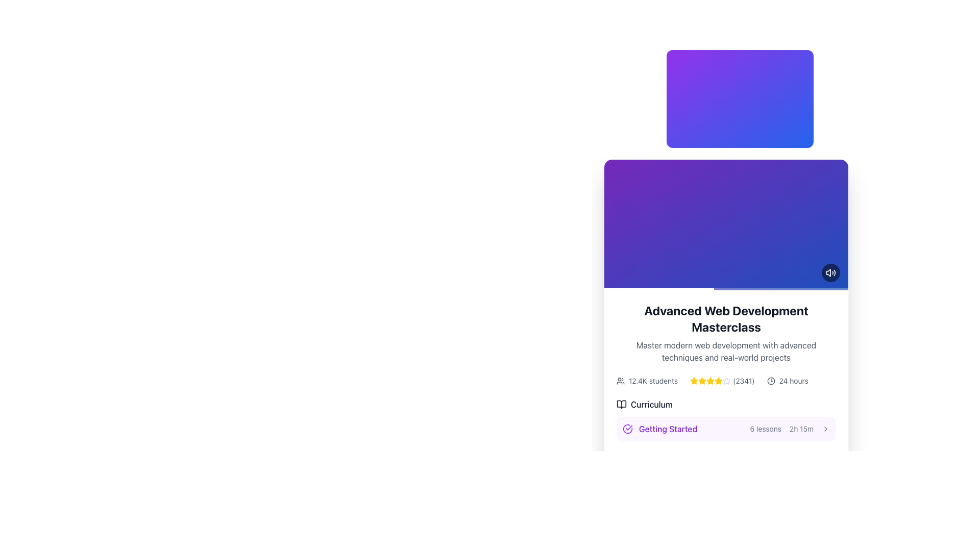  What do you see at coordinates (718, 381) in the screenshot?
I see `the third star icon in the filled yellow star rating display for the course 'Advanced Web Development Masterclass'` at bounding box center [718, 381].